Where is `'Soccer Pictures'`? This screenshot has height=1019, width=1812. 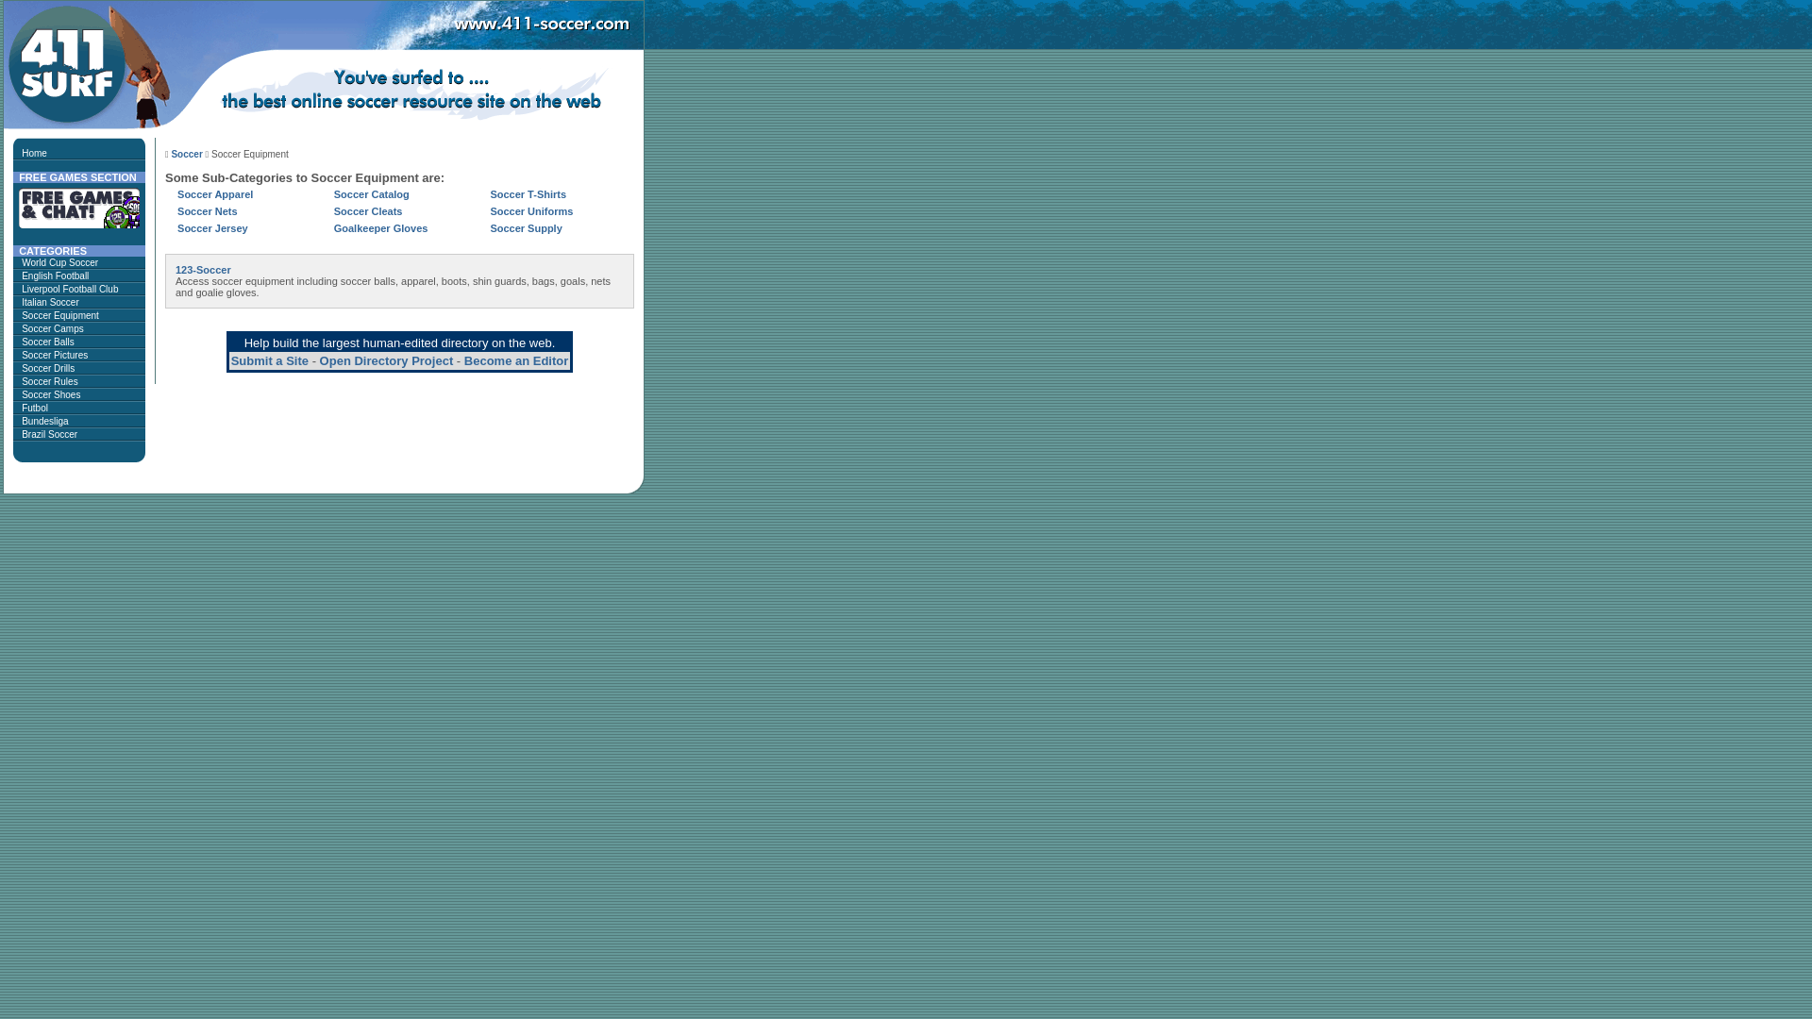 'Soccer Pictures' is located at coordinates (22, 355).